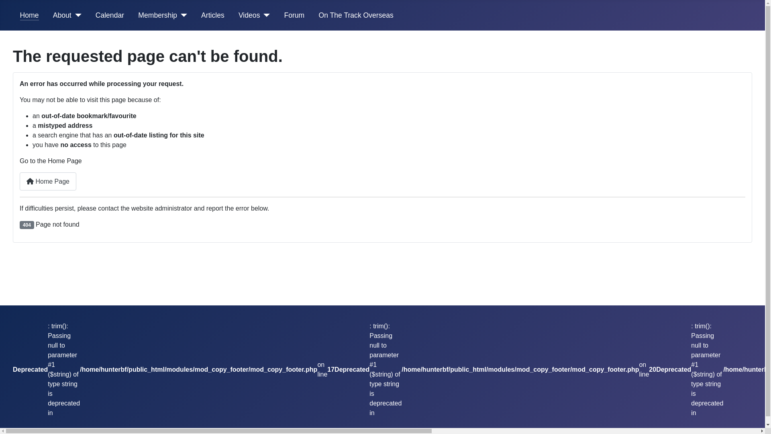 The image size is (771, 434). Describe the element at coordinates (294, 15) in the screenshot. I see `'Forum'` at that location.